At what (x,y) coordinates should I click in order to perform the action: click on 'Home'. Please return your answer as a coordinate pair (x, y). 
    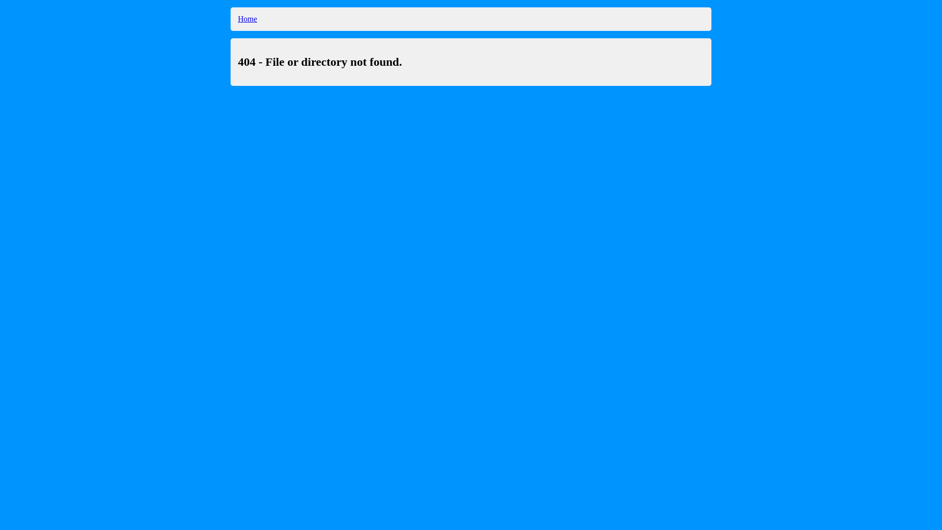
    Looking at the image, I should click on (247, 19).